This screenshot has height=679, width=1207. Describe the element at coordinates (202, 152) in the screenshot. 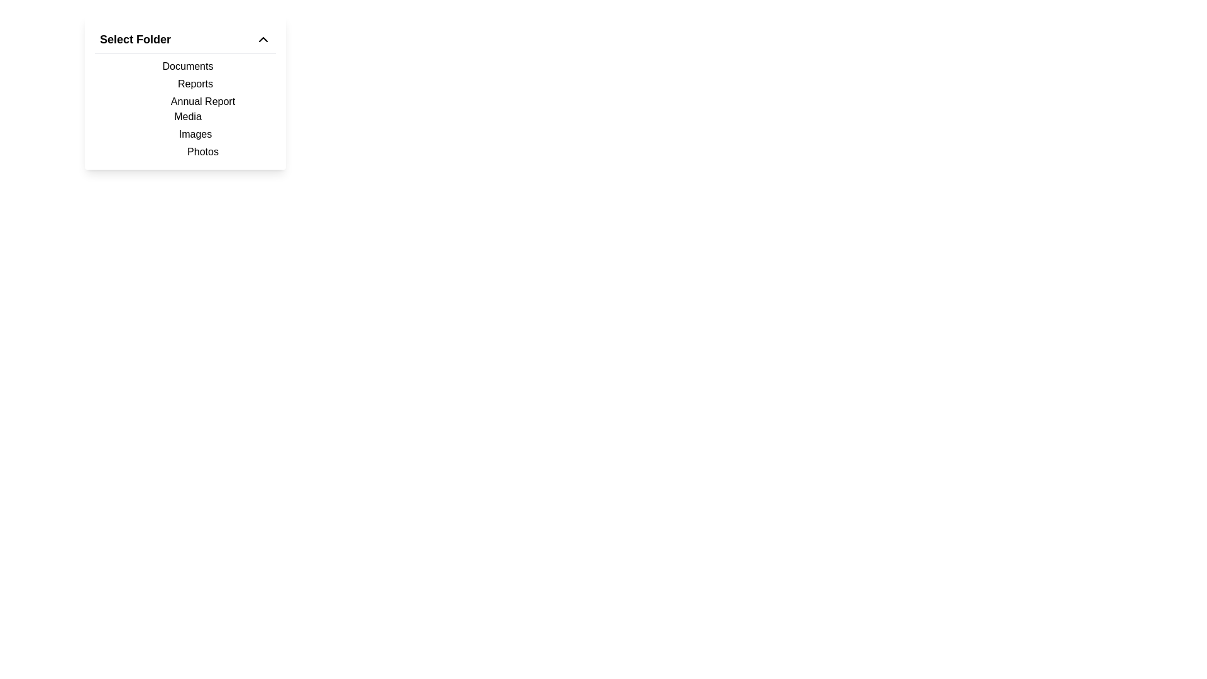

I see `the 'Photos' menu option in the dropdown list` at that location.